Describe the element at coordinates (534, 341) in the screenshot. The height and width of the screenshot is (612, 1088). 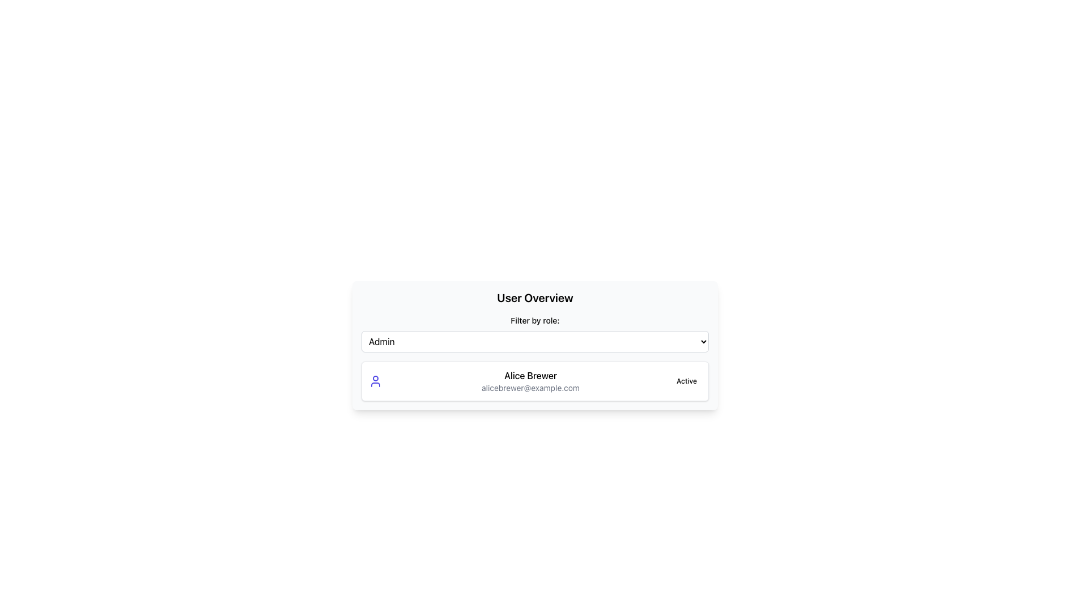
I see `the Dropdown menu labeled 'Filter by role:' which currently displays 'Admin'` at that location.